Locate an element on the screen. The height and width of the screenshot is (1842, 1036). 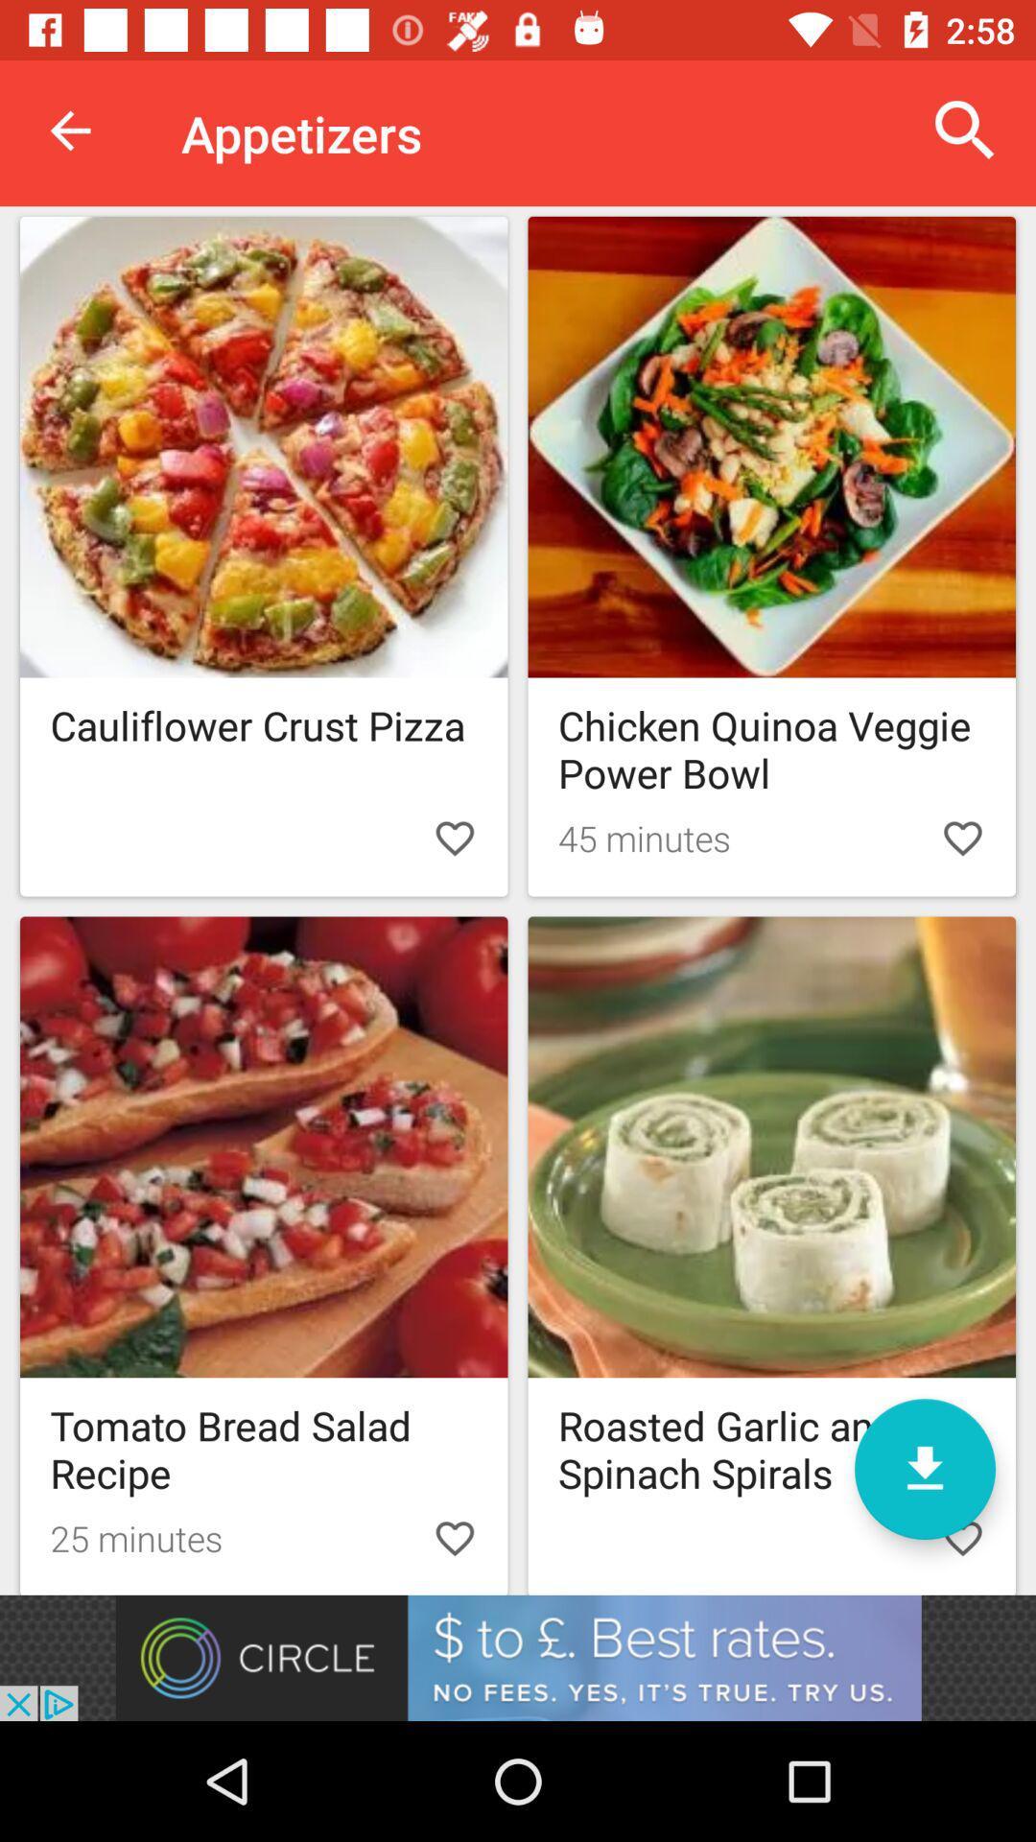
advertisement site is located at coordinates (518, 1657).